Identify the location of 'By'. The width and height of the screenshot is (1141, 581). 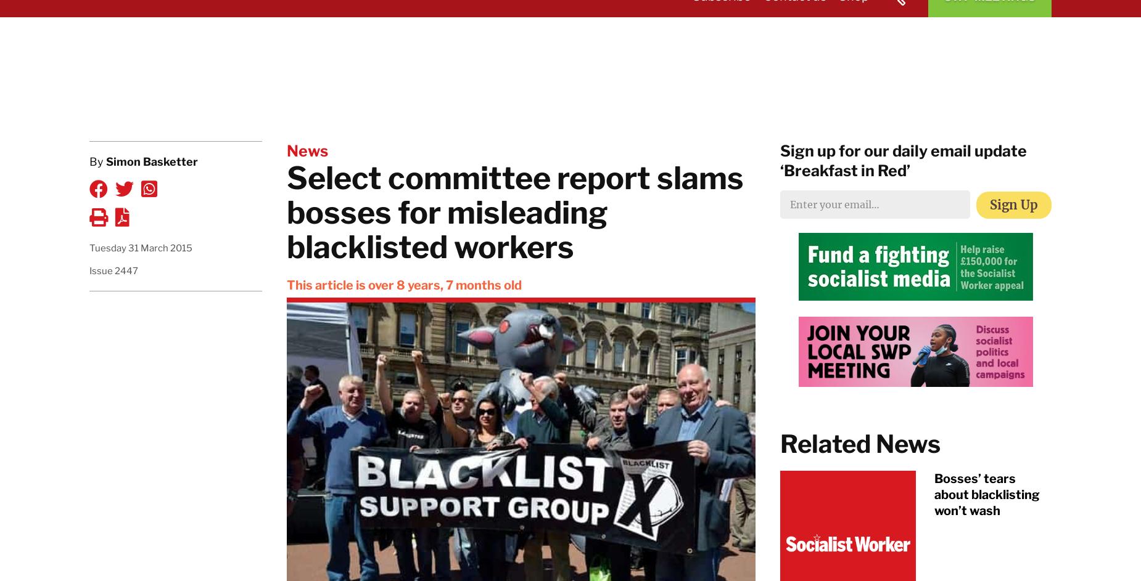
(97, 161).